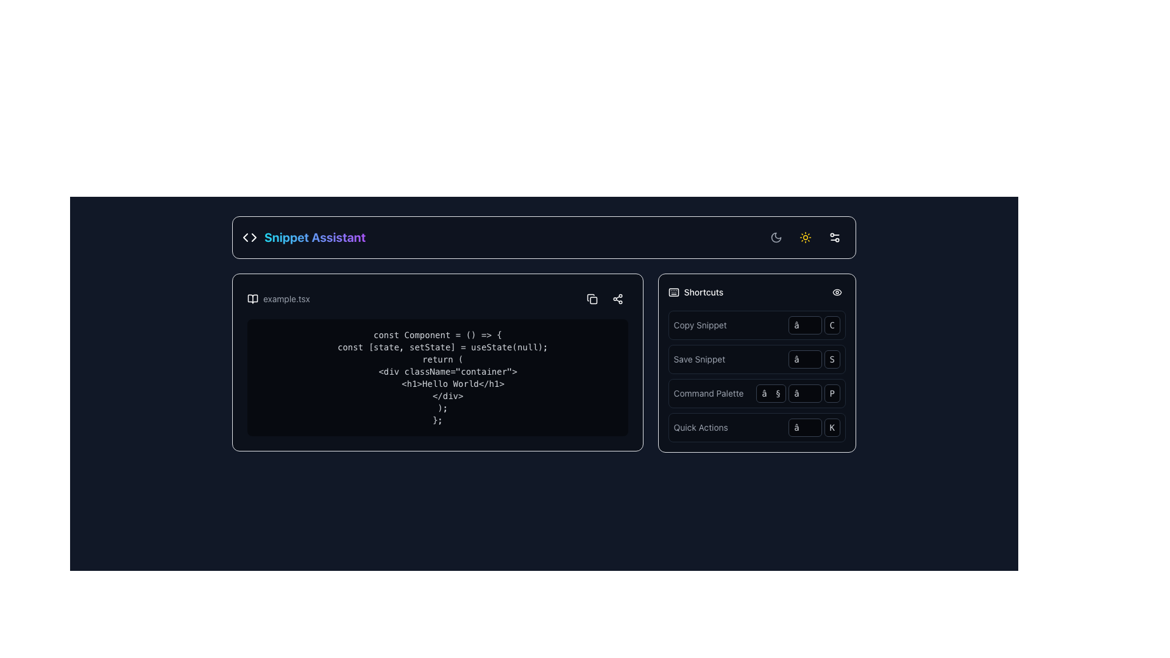 The width and height of the screenshot is (1170, 658). I want to click on the second button from the left in the top-right corner of the interface, so click(805, 237).